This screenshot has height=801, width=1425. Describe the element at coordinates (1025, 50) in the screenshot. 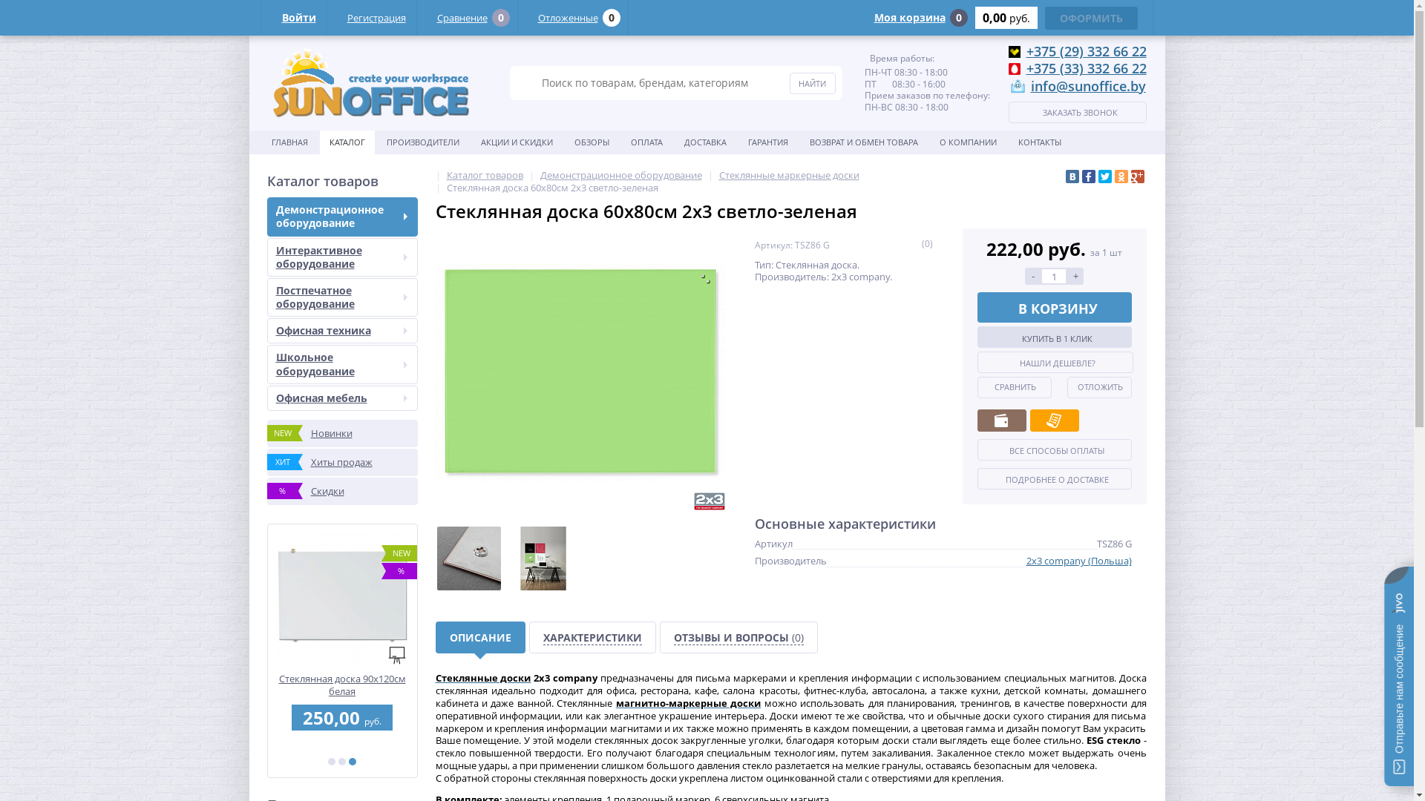

I see `'+375 (29) 332 66 22'` at that location.